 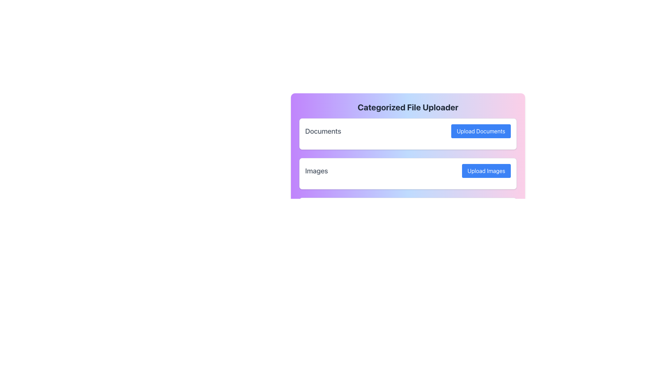 What do you see at coordinates (408, 131) in the screenshot?
I see `the 'Upload Documents' button located within the white rounded box at the top of the page` at bounding box center [408, 131].